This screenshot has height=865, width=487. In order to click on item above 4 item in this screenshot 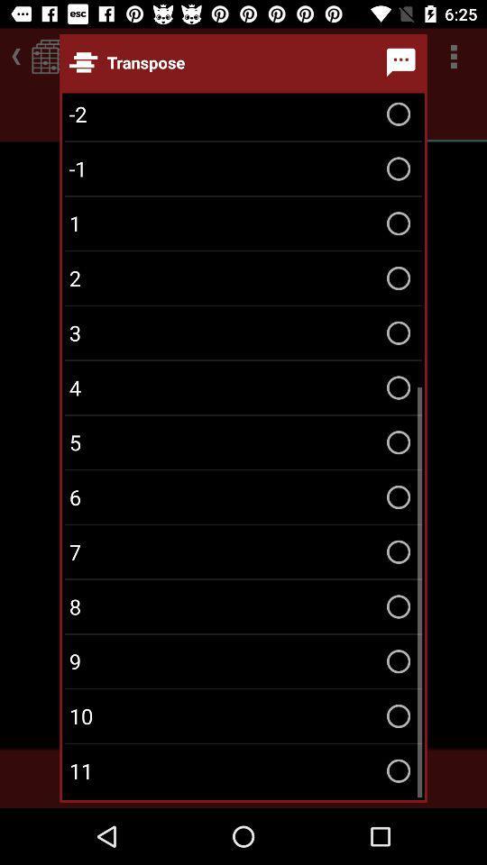, I will do `click(243, 332)`.